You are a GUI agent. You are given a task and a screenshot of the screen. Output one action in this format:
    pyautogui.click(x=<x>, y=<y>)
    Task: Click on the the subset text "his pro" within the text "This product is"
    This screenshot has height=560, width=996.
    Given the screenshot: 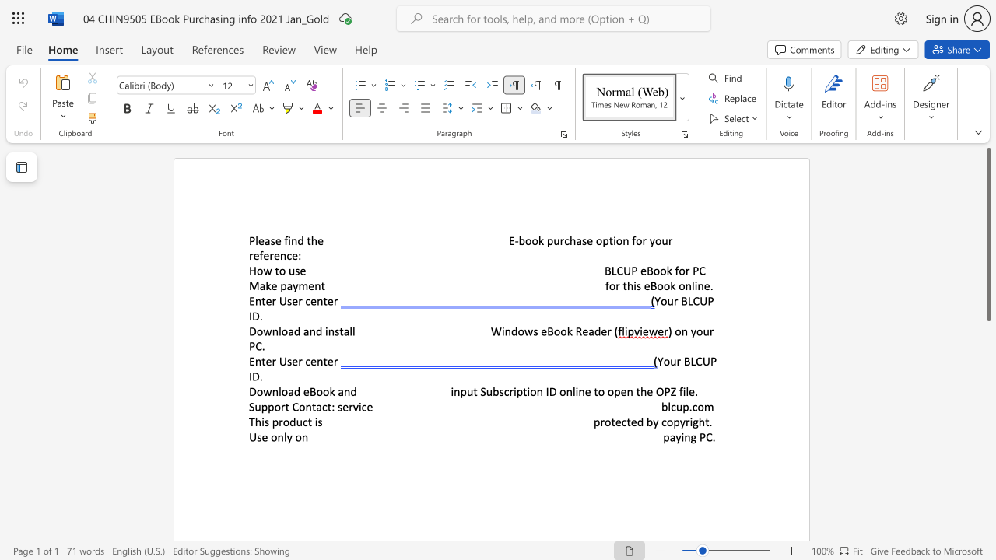 What is the action you would take?
    pyautogui.click(x=254, y=422)
    